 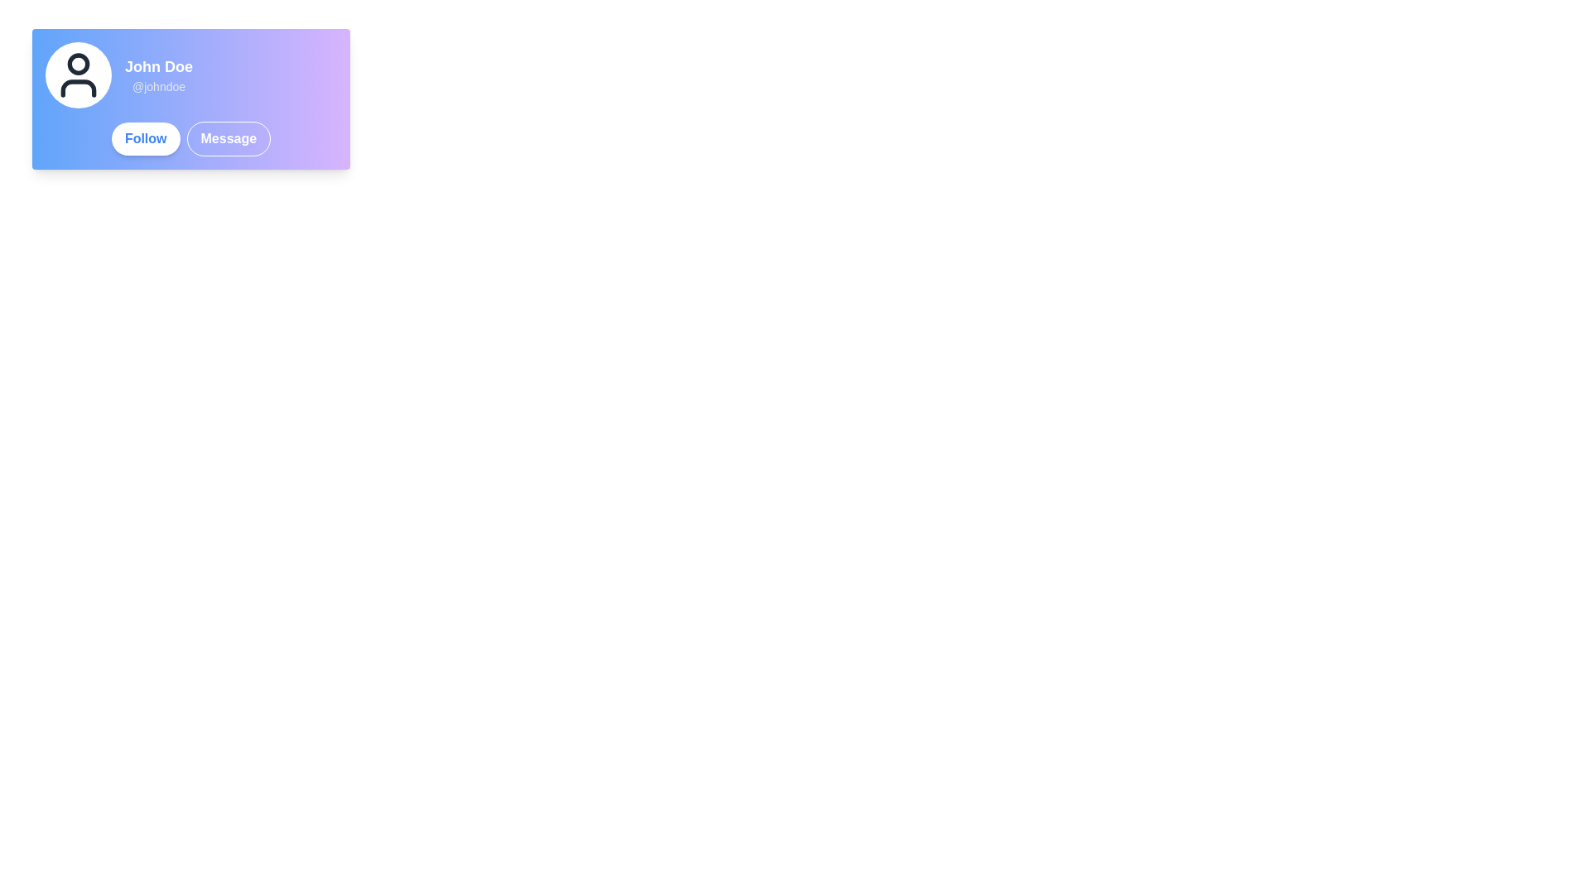 I want to click on the user avatar icon located at the top-left corner of the card layout, which visually represents the user and is non-interactive, so click(x=78, y=75).